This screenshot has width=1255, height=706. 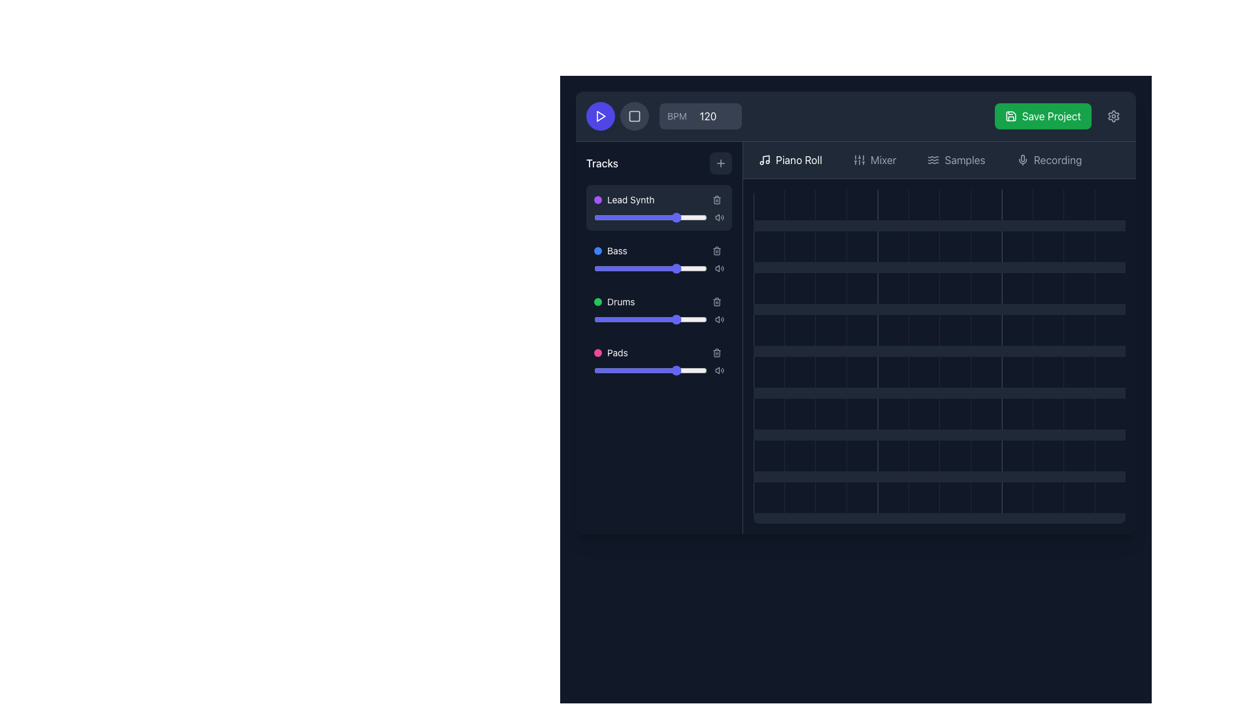 I want to click on the selectable grid cell located in the seventh row and fifth column of the grid layout, so click(x=1079, y=288).